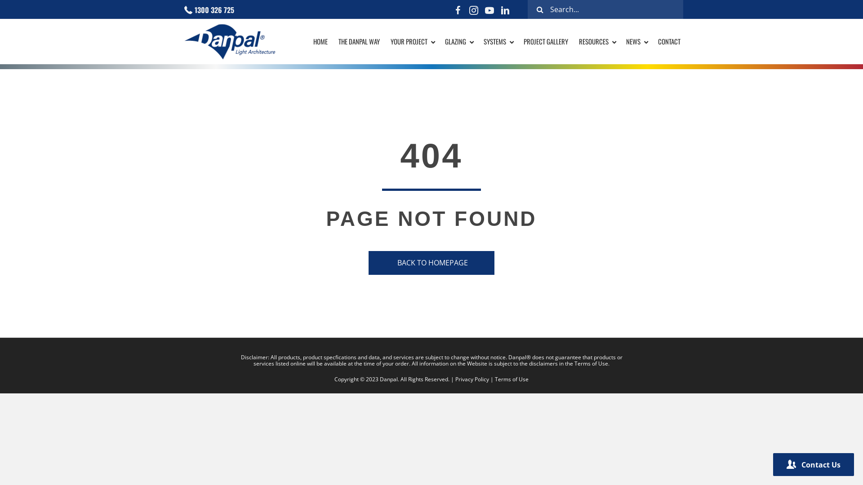 Image resolution: width=863 pixels, height=485 pixels. What do you see at coordinates (320, 41) in the screenshot?
I see `'HOME'` at bounding box center [320, 41].